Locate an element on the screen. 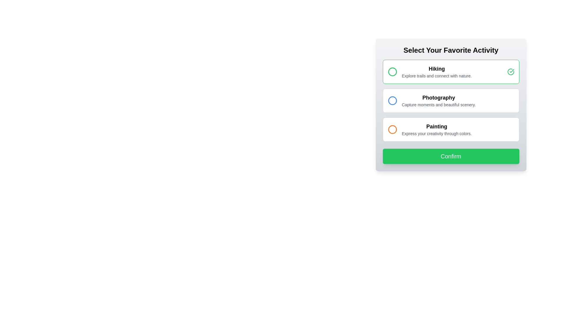  the selectable option labeled 'Photography', which is the second item in the list between 'Hiking' and 'Painting' is located at coordinates (432, 100).